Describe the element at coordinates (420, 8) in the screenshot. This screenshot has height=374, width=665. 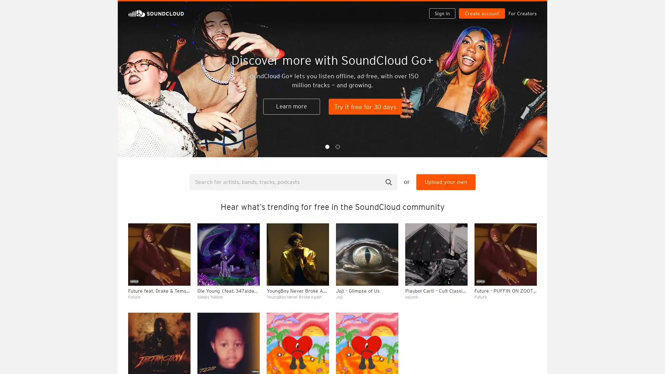
I see `Search` at that location.